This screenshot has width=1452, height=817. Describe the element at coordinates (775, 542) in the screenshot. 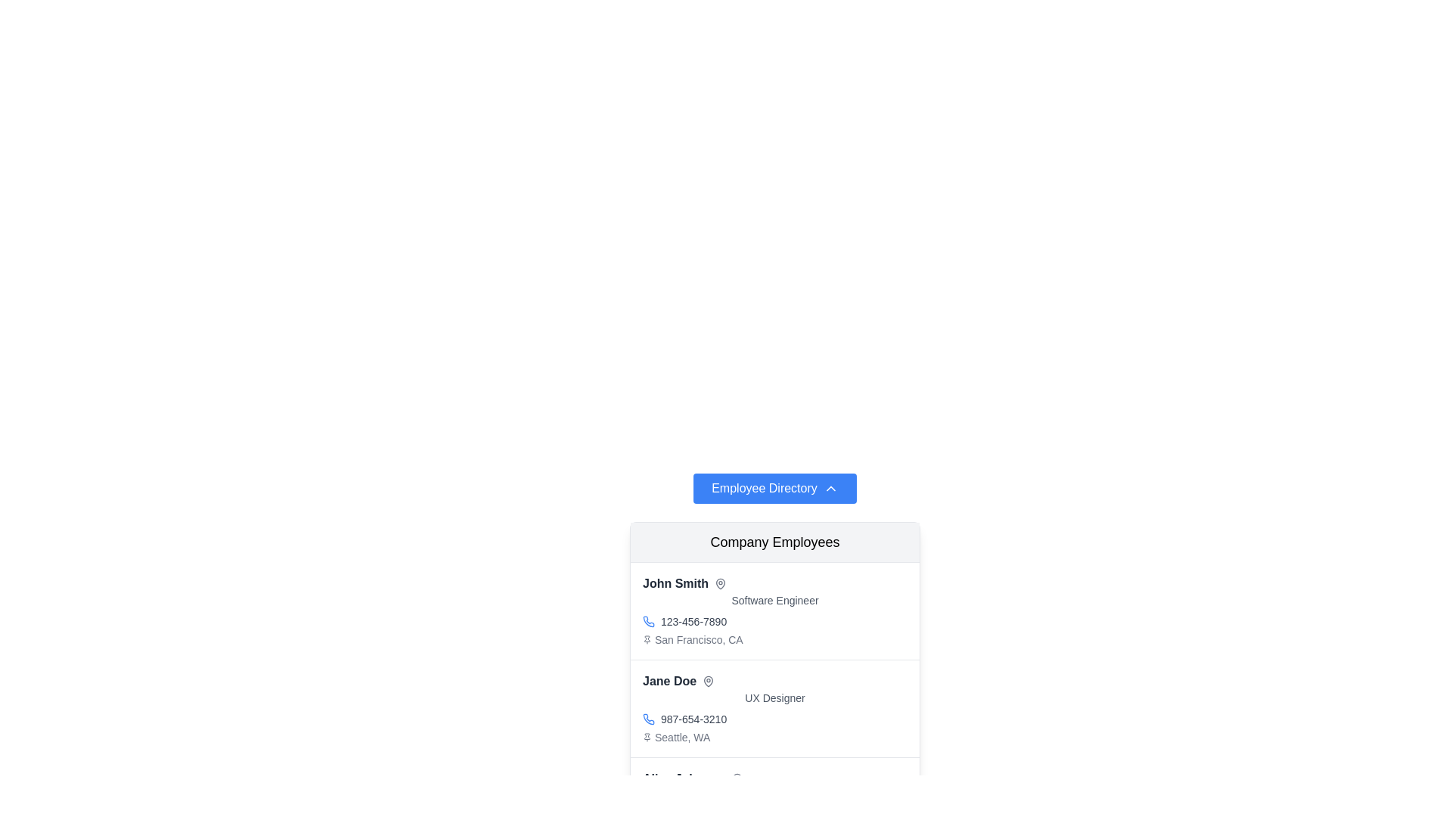

I see `the Static text label that serves as the heading for the 'Employee Directory' dropdown panel, indicating the section lists employees` at that location.